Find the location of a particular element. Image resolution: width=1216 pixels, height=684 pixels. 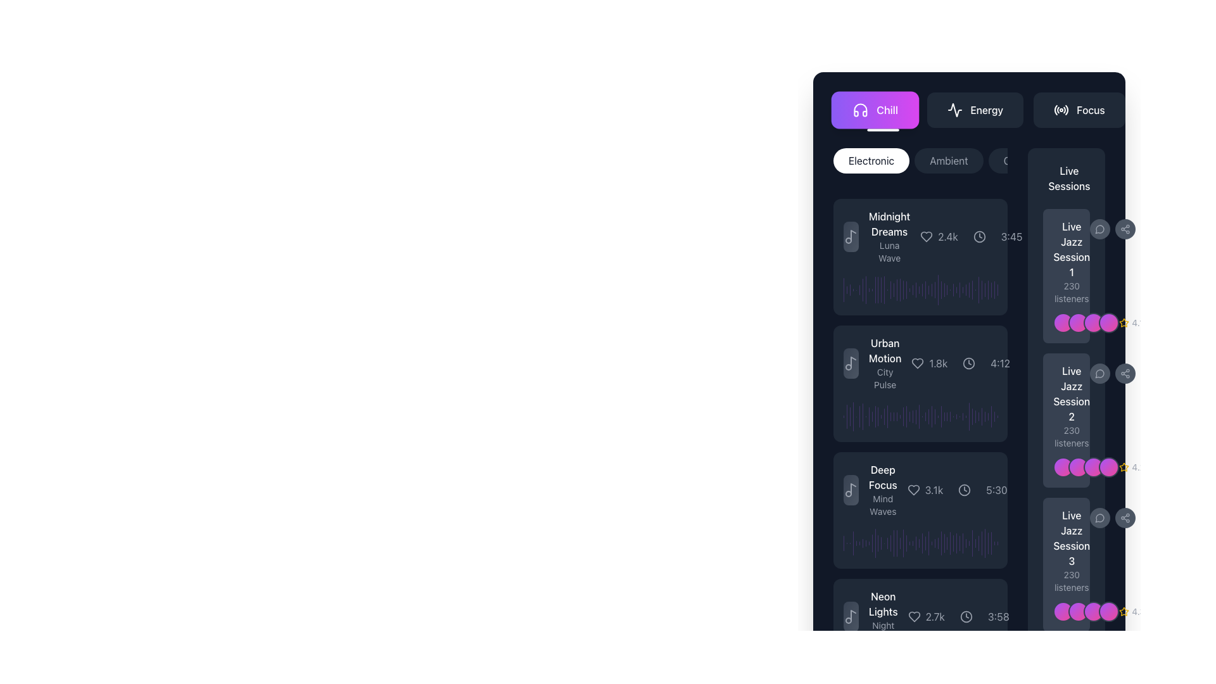

the Avatar group display consisting of four circular objects with gradient shading from purple to pink, located under the 'Live Jazz Session 2' section is located at coordinates (1086, 467).